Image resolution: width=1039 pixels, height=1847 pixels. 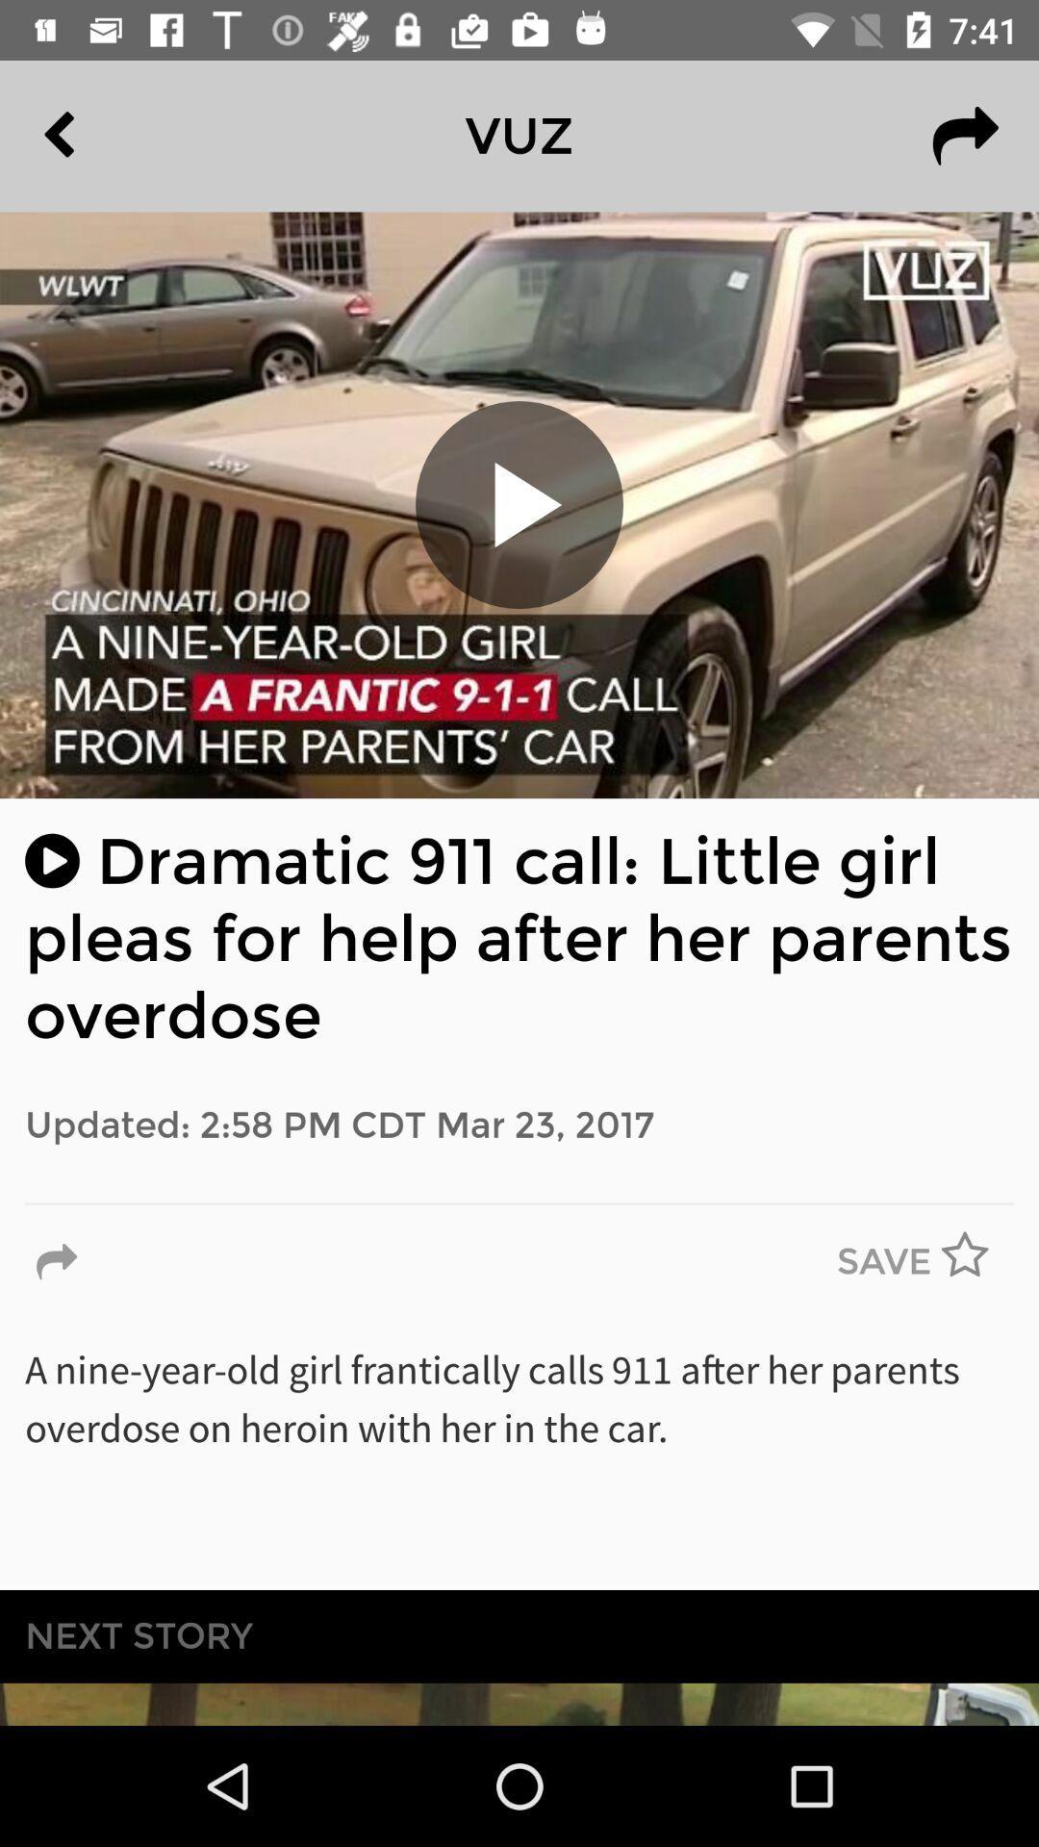 I want to click on the save, so click(x=884, y=1262).